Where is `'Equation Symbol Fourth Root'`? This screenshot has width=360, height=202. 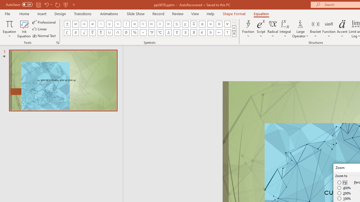
'Equation Symbol Fourth Root' is located at coordinates (101, 32).